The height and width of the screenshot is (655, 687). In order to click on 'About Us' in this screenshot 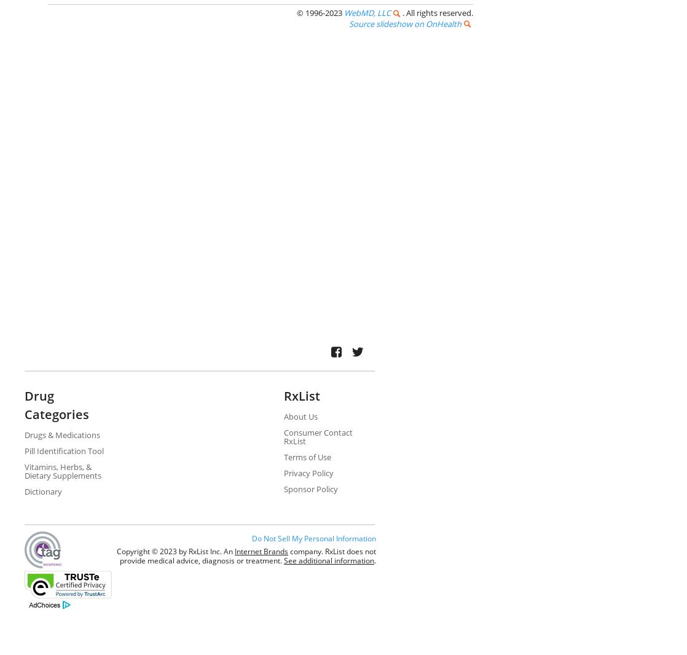, I will do `click(299, 415)`.